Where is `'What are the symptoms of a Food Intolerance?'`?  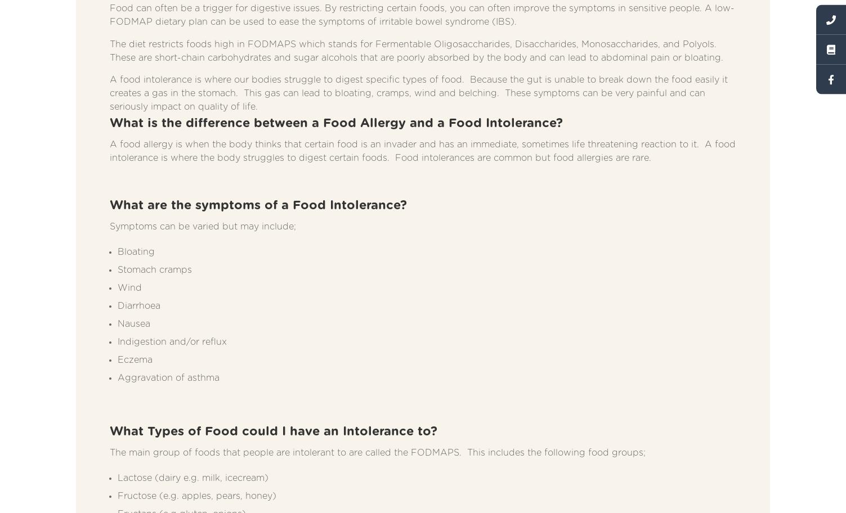
'What are the symptoms of a Food Intolerance?' is located at coordinates (258, 204).